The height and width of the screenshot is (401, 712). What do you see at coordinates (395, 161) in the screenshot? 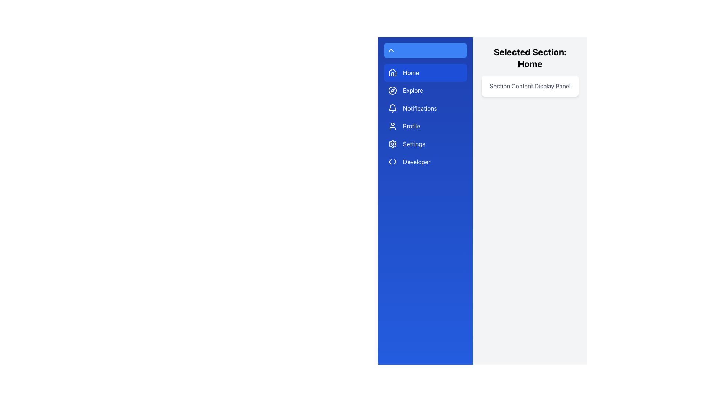
I see `the arrow icon on the right side of the 'Developer' menu item, which indicates navigation direction` at bounding box center [395, 161].